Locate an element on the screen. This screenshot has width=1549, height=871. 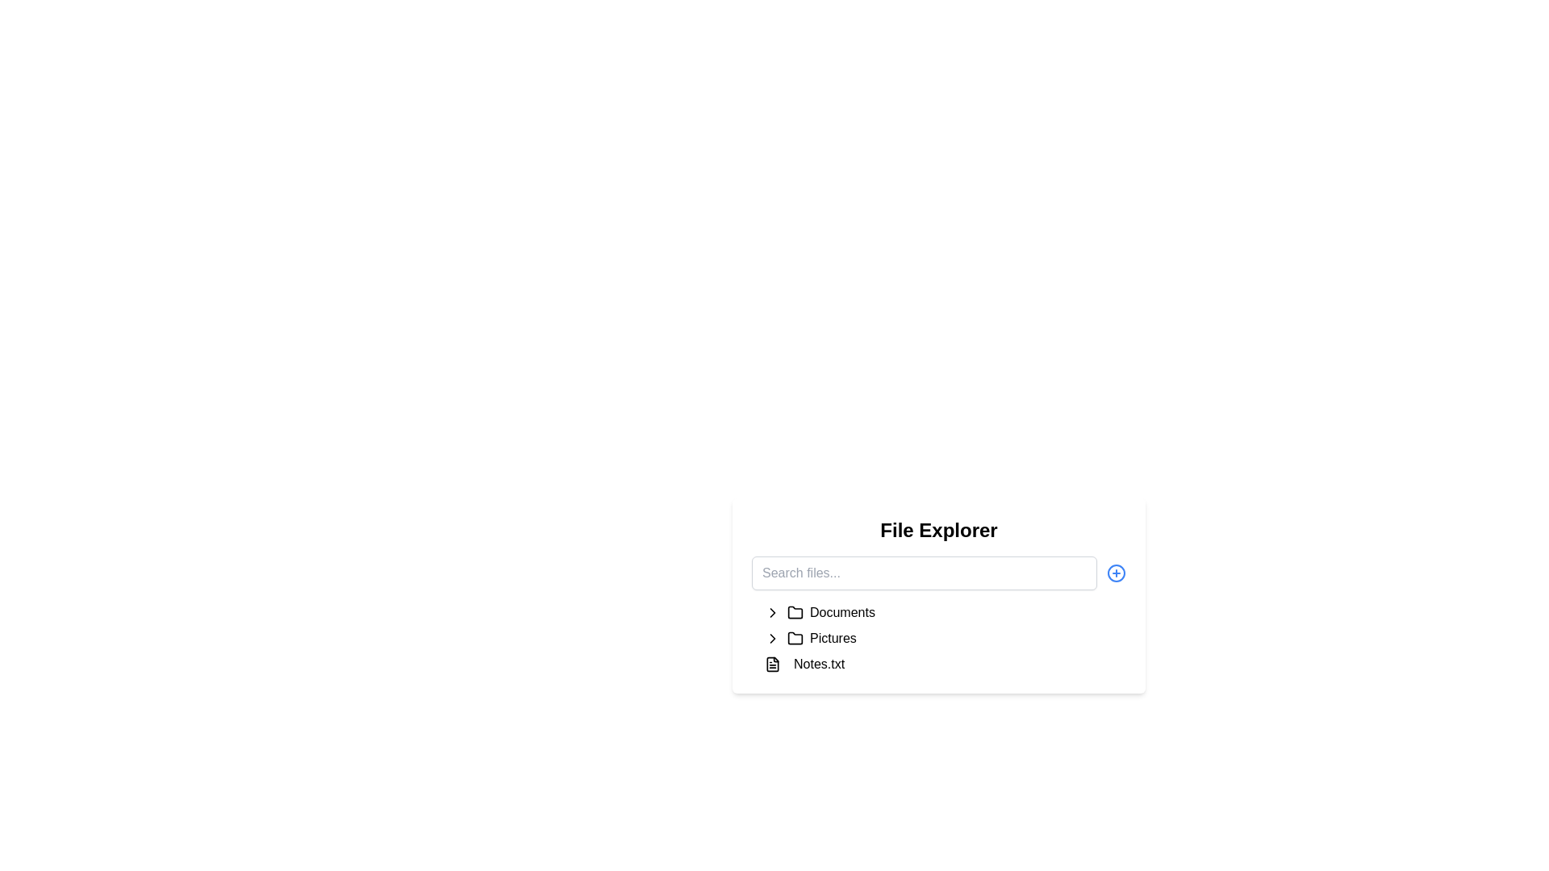
the 'Notes.txt' file is located at coordinates (945, 665).